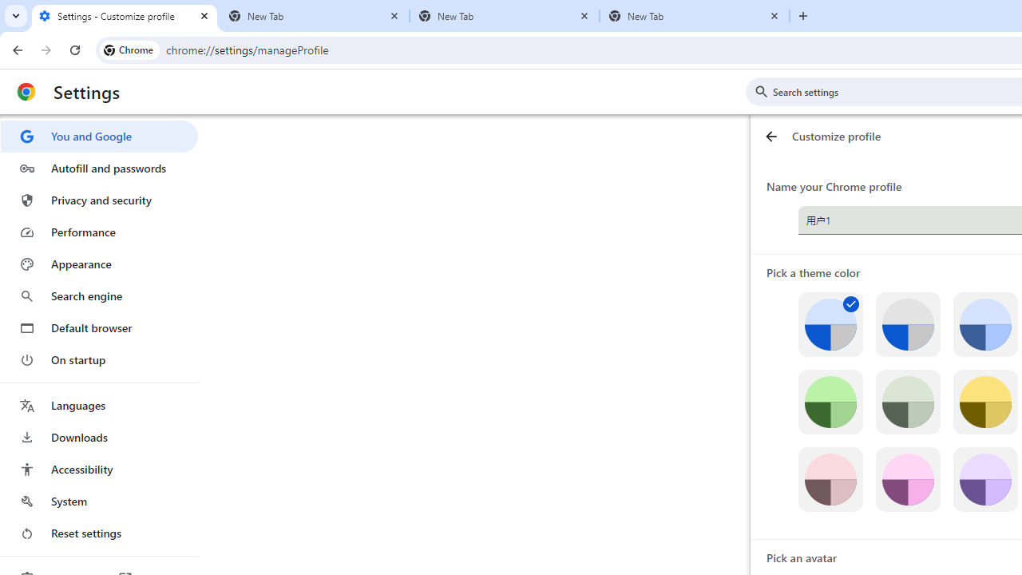  I want to click on 'New Tab', so click(695, 16).